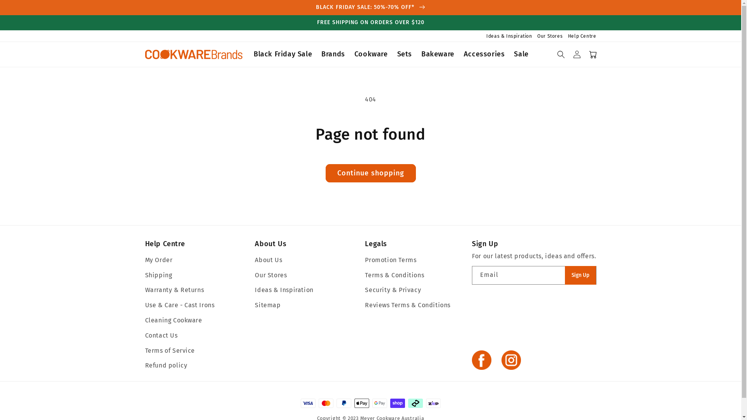 The width and height of the screenshot is (747, 420). Describe the element at coordinates (407, 305) in the screenshot. I see `'Reviews Terms & Conditions'` at that location.